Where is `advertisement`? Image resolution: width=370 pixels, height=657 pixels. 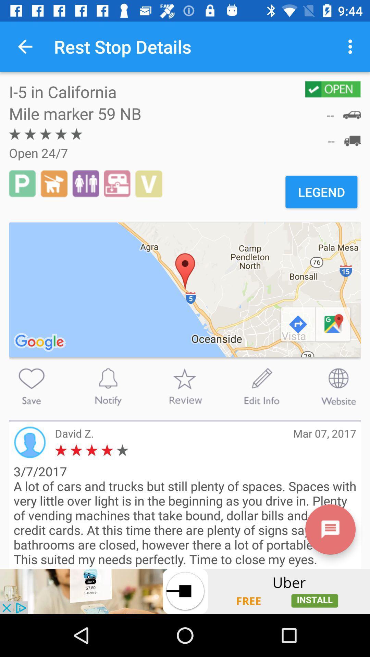
advertisement is located at coordinates (185, 591).